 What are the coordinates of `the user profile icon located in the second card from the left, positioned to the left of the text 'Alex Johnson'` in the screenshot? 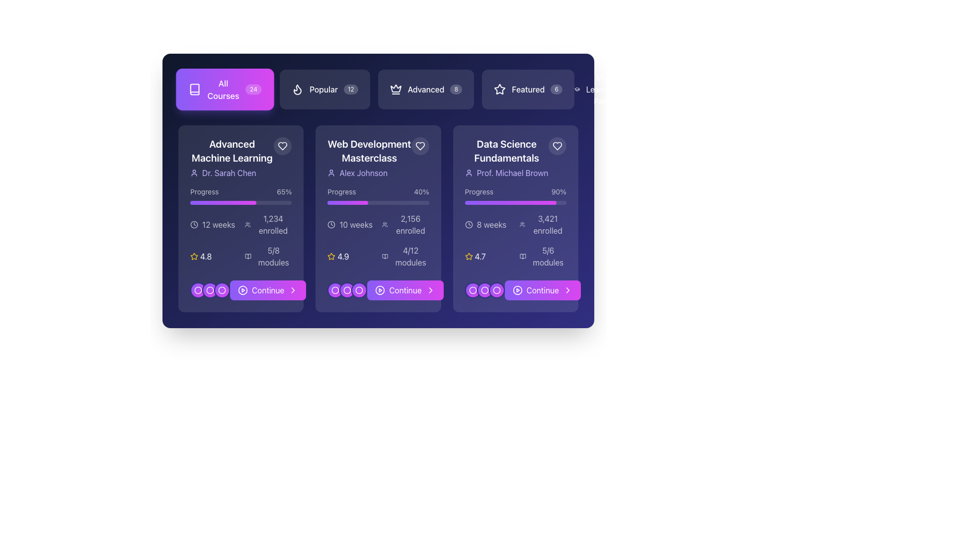 It's located at (331, 172).